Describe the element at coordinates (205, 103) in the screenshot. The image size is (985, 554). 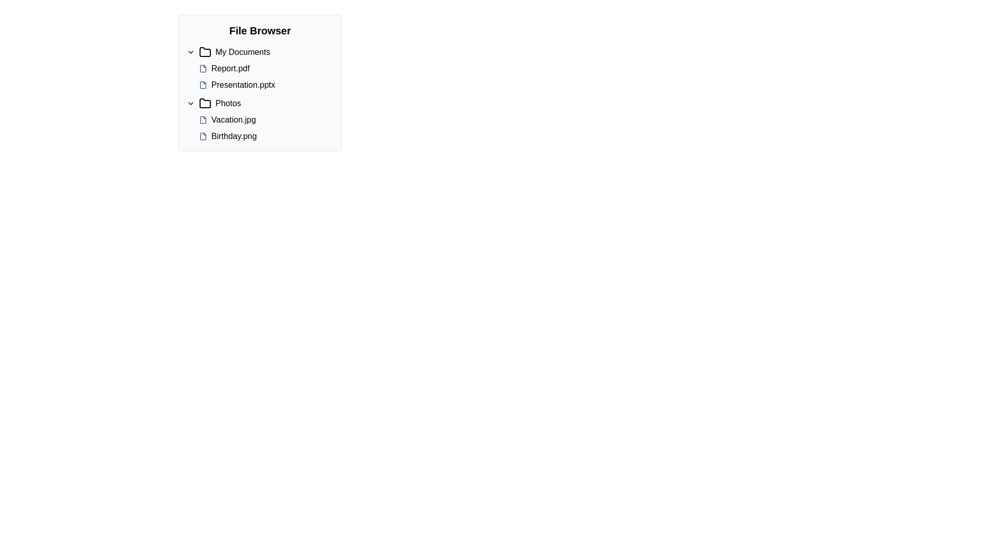
I see `the folder icon labeled 'Photos', which is positioned to the left of the text 'Photos' and to the right of a downward-pointing chevron icon in the file manager interface` at that location.